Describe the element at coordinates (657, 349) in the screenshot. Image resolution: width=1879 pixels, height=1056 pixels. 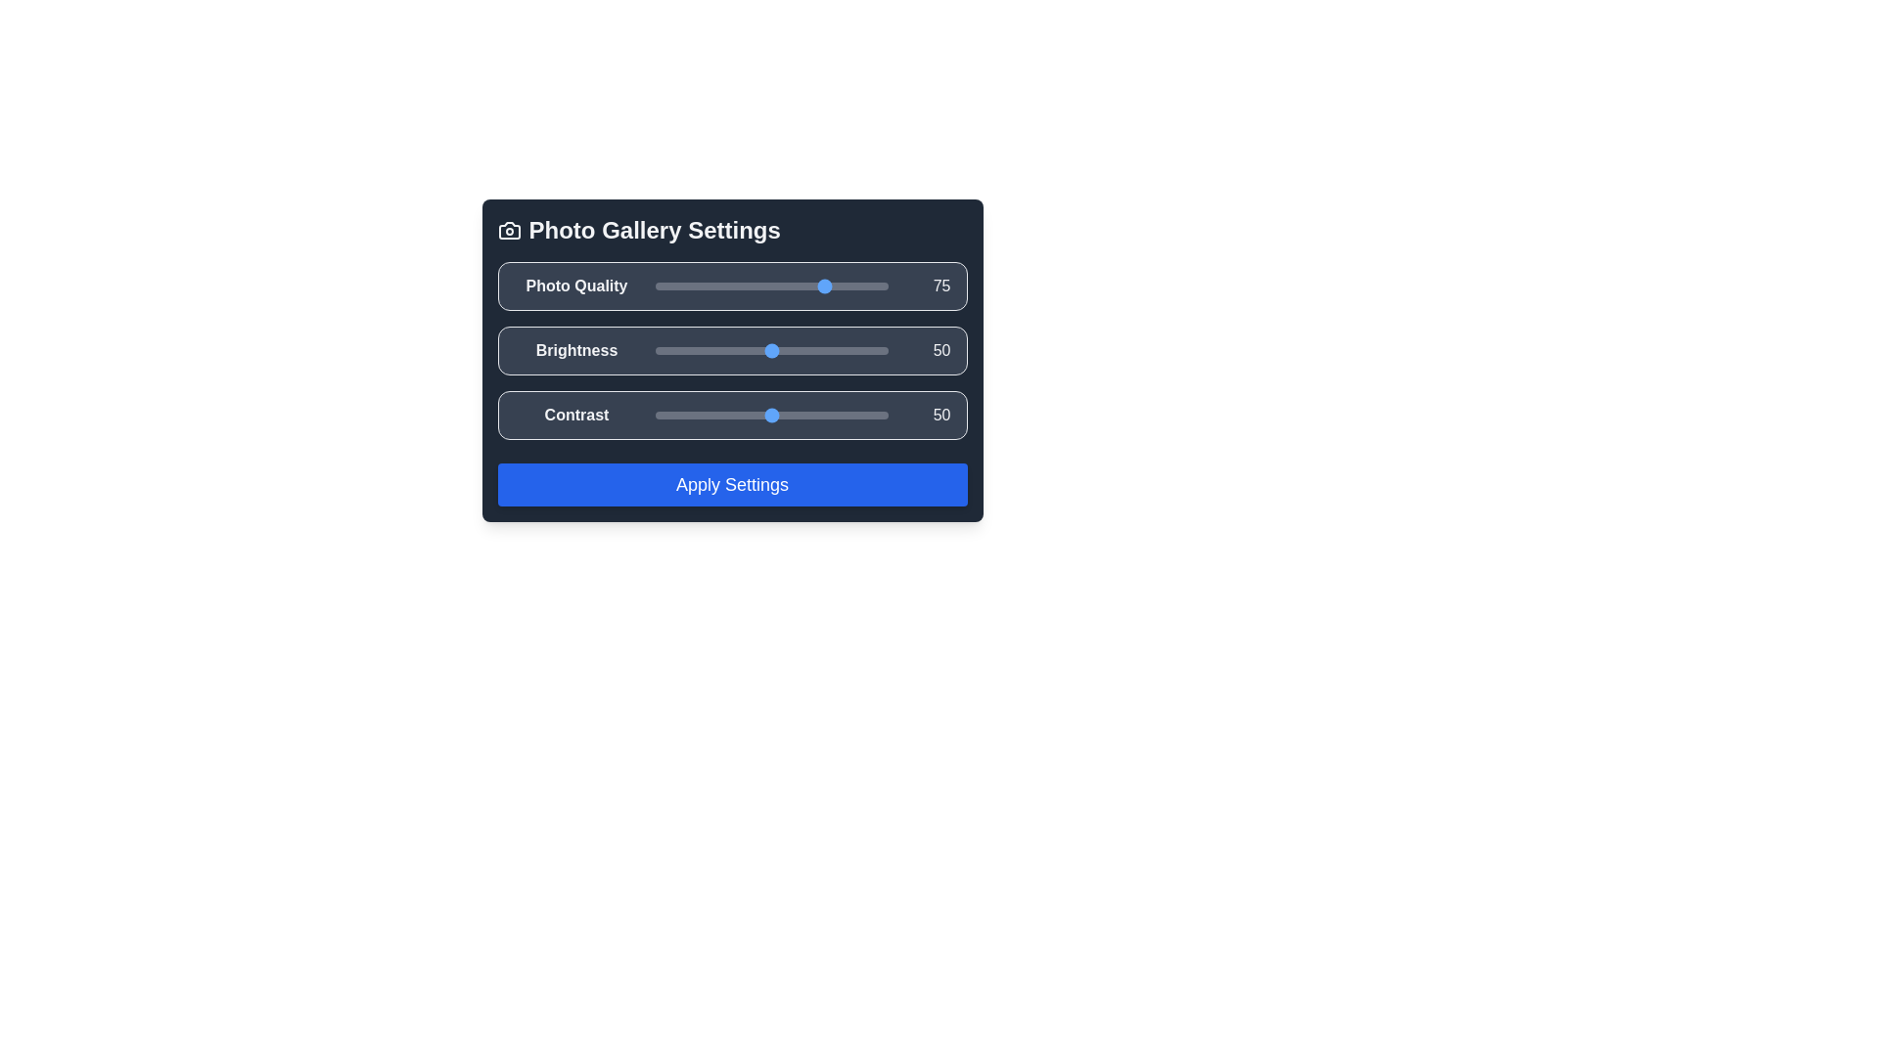
I see `the brightness level` at that location.